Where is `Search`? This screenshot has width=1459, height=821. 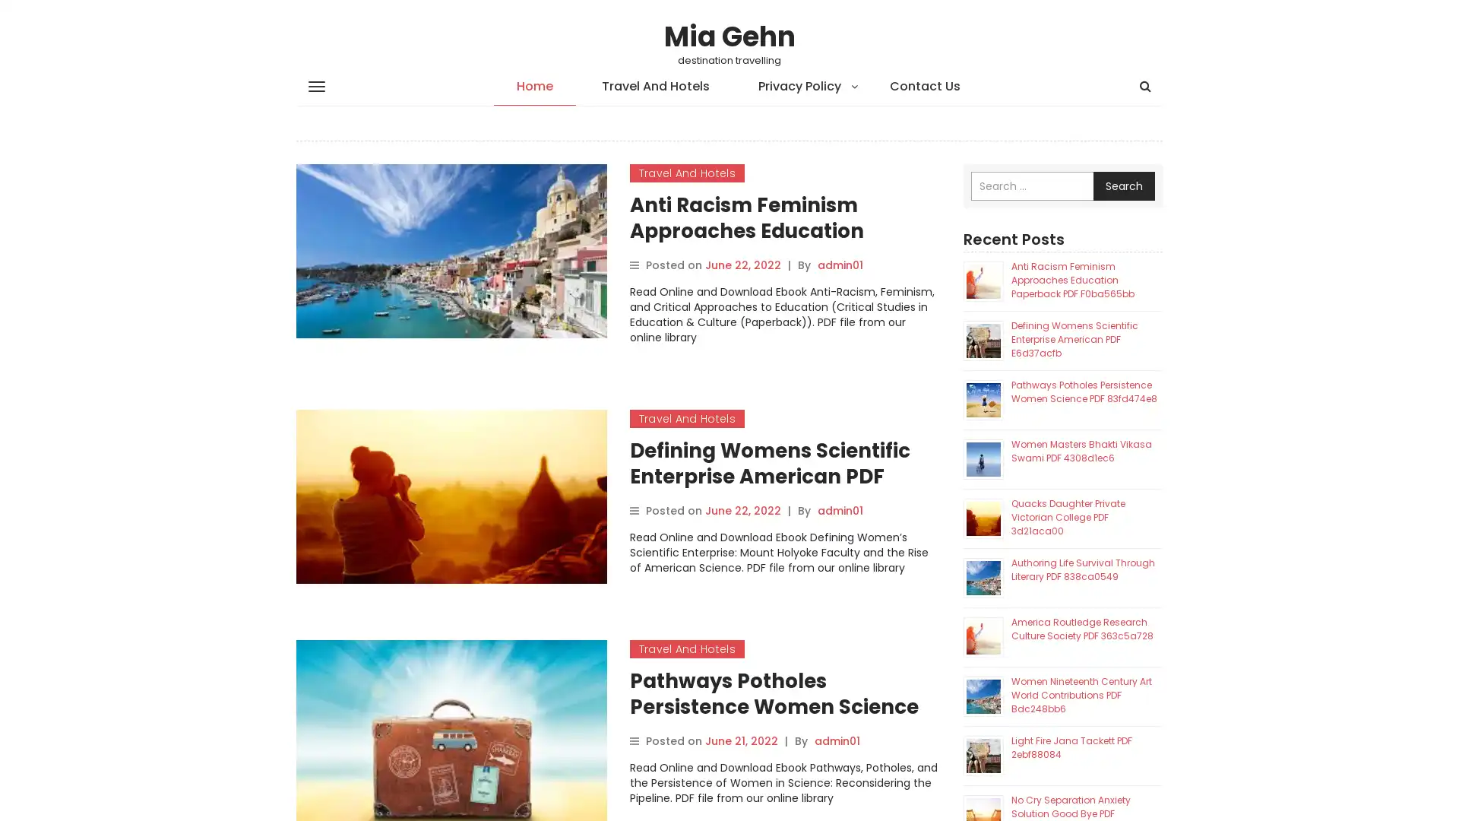
Search is located at coordinates (1124, 185).